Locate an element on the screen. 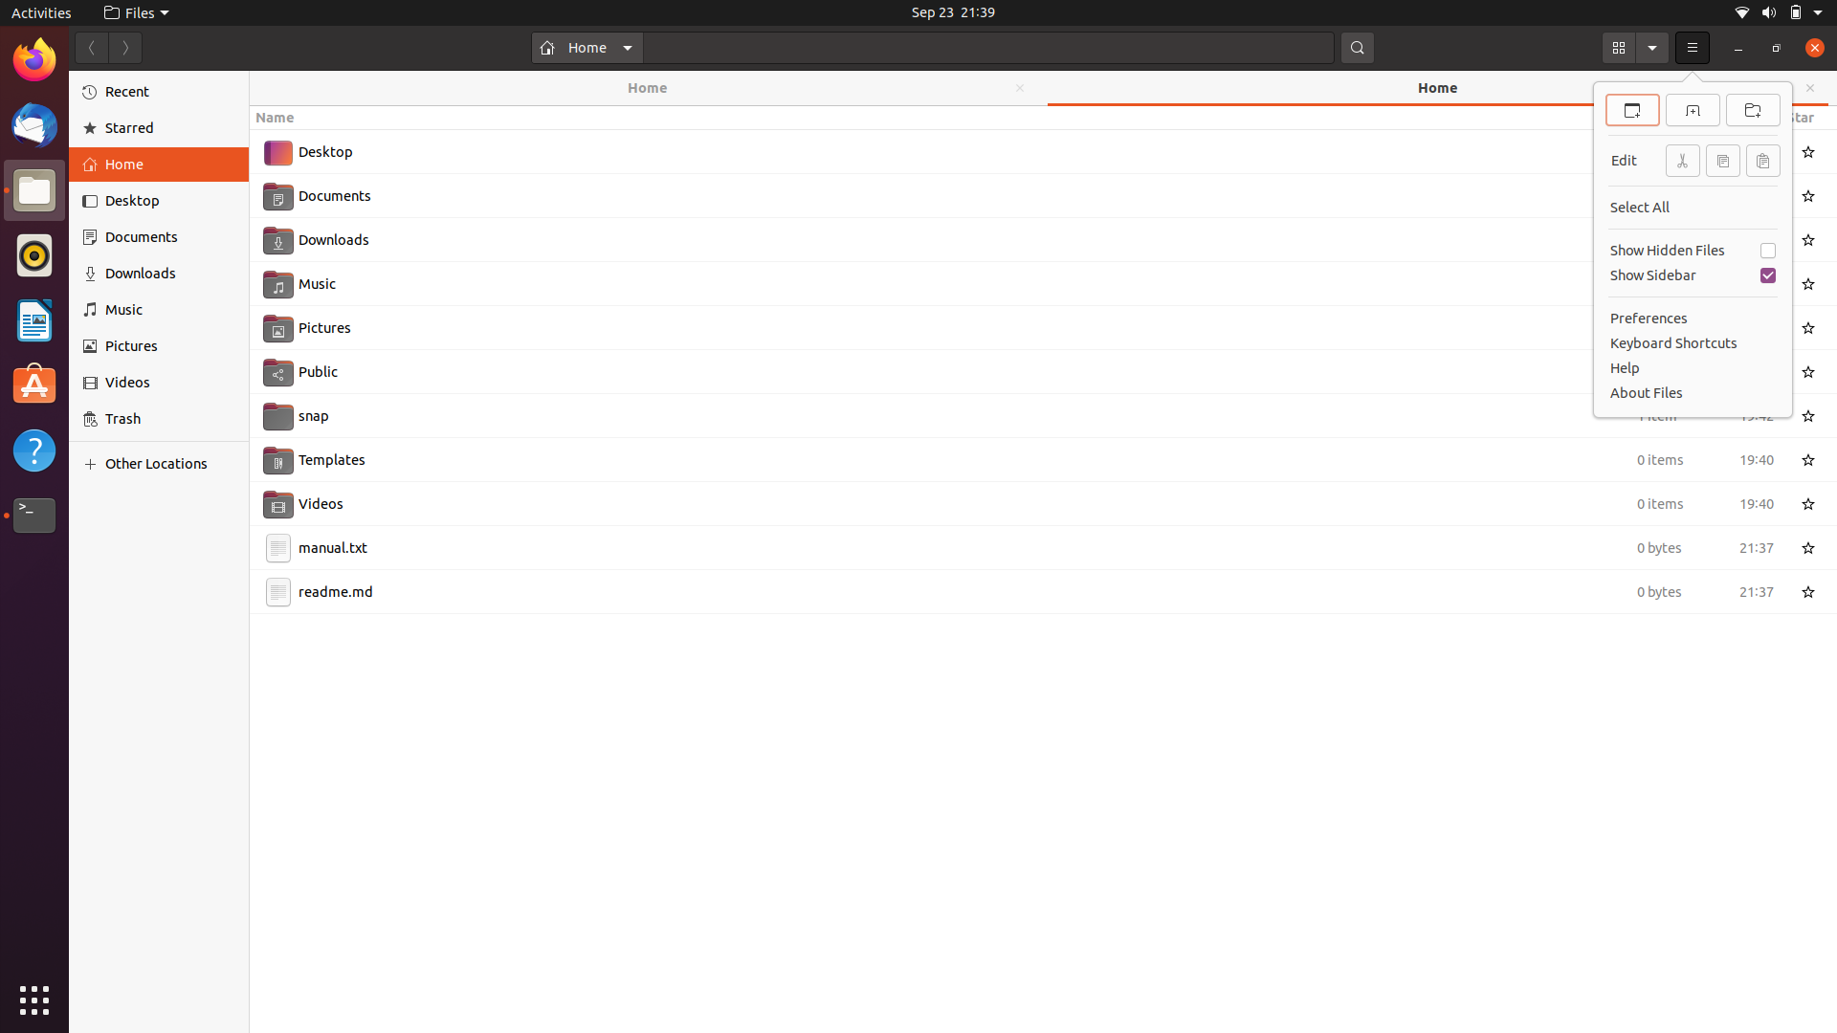  Slice the manual.txt document using keyboard and mouse shortcuts is located at coordinates (1022, 546).